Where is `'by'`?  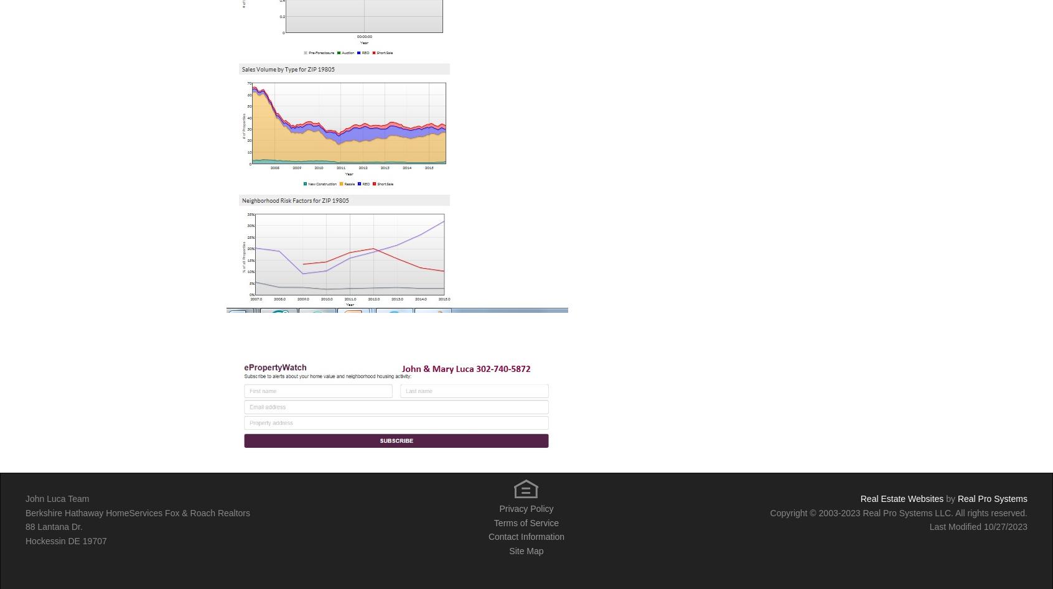 'by' is located at coordinates (943, 499).